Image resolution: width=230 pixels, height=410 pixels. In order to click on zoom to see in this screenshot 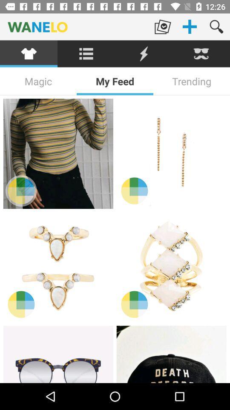, I will do `click(21, 190)`.